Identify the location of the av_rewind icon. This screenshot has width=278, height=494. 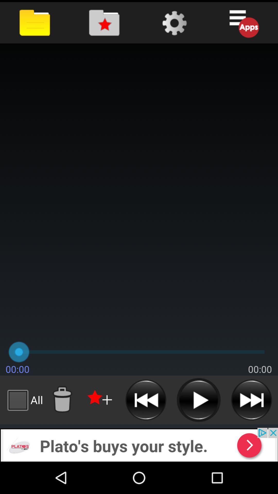
(146, 428).